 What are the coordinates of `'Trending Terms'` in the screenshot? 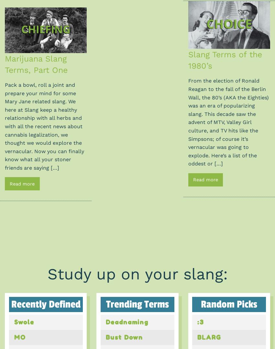 It's located at (105, 304).